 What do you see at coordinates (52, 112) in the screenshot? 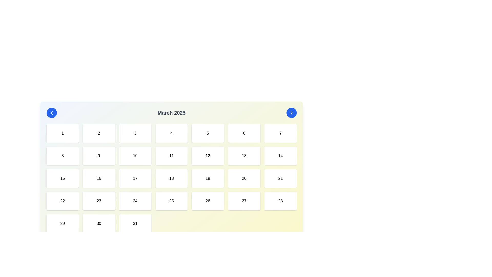
I see `the circular button with a blue background and a white chevron pointing left, located at the top-left corner of the main calendar interface` at bounding box center [52, 112].